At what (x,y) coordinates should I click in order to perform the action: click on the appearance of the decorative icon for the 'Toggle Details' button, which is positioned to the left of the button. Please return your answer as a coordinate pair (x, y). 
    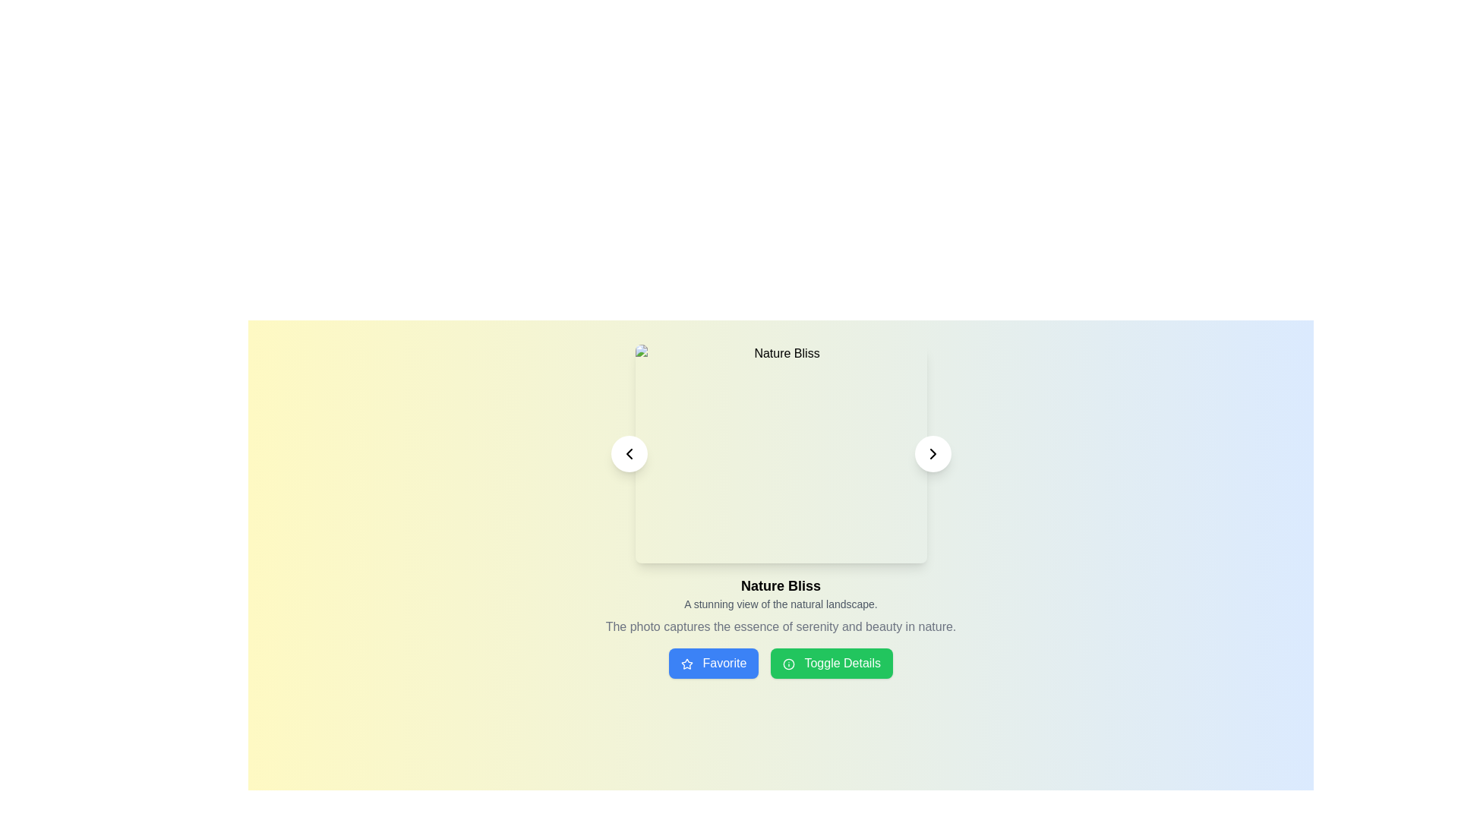
    Looking at the image, I should click on (789, 663).